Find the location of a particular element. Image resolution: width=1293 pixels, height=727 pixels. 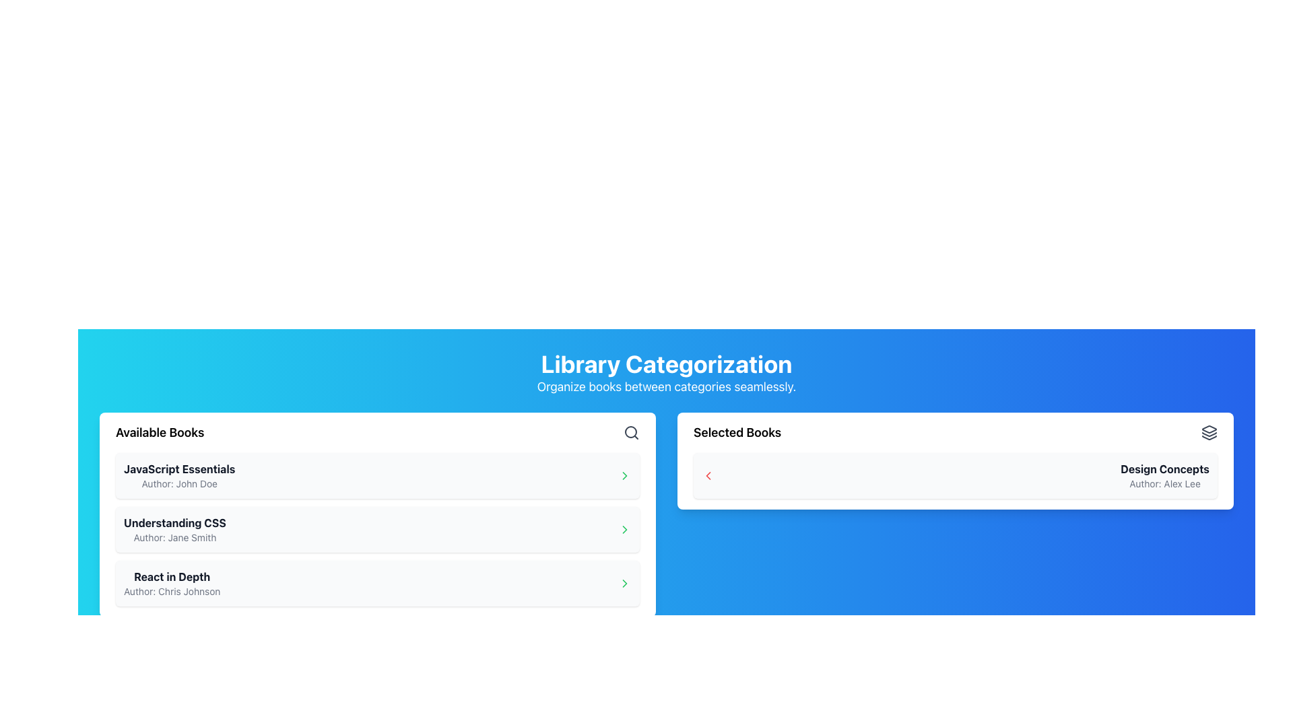

the right-facing arrow icon located in the 'Available Books' section is located at coordinates (624, 528).